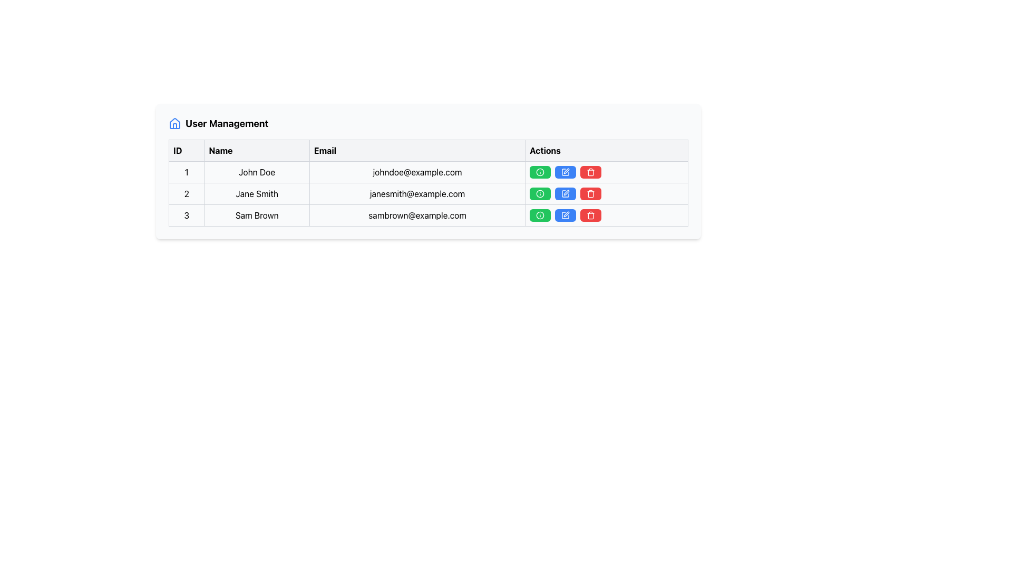  Describe the element at coordinates (565, 214) in the screenshot. I see `the graphical icon resembling a square in the 'Actions' column for Jane Smith in the user management table` at that location.